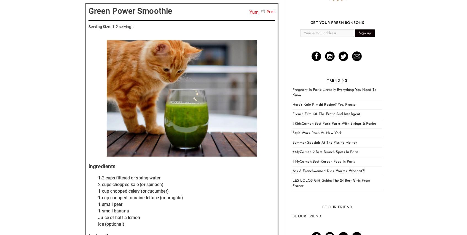 Image resolution: width=467 pixels, height=235 pixels. What do you see at coordinates (130, 11) in the screenshot?
I see `'Green Power Smoothie'` at bounding box center [130, 11].